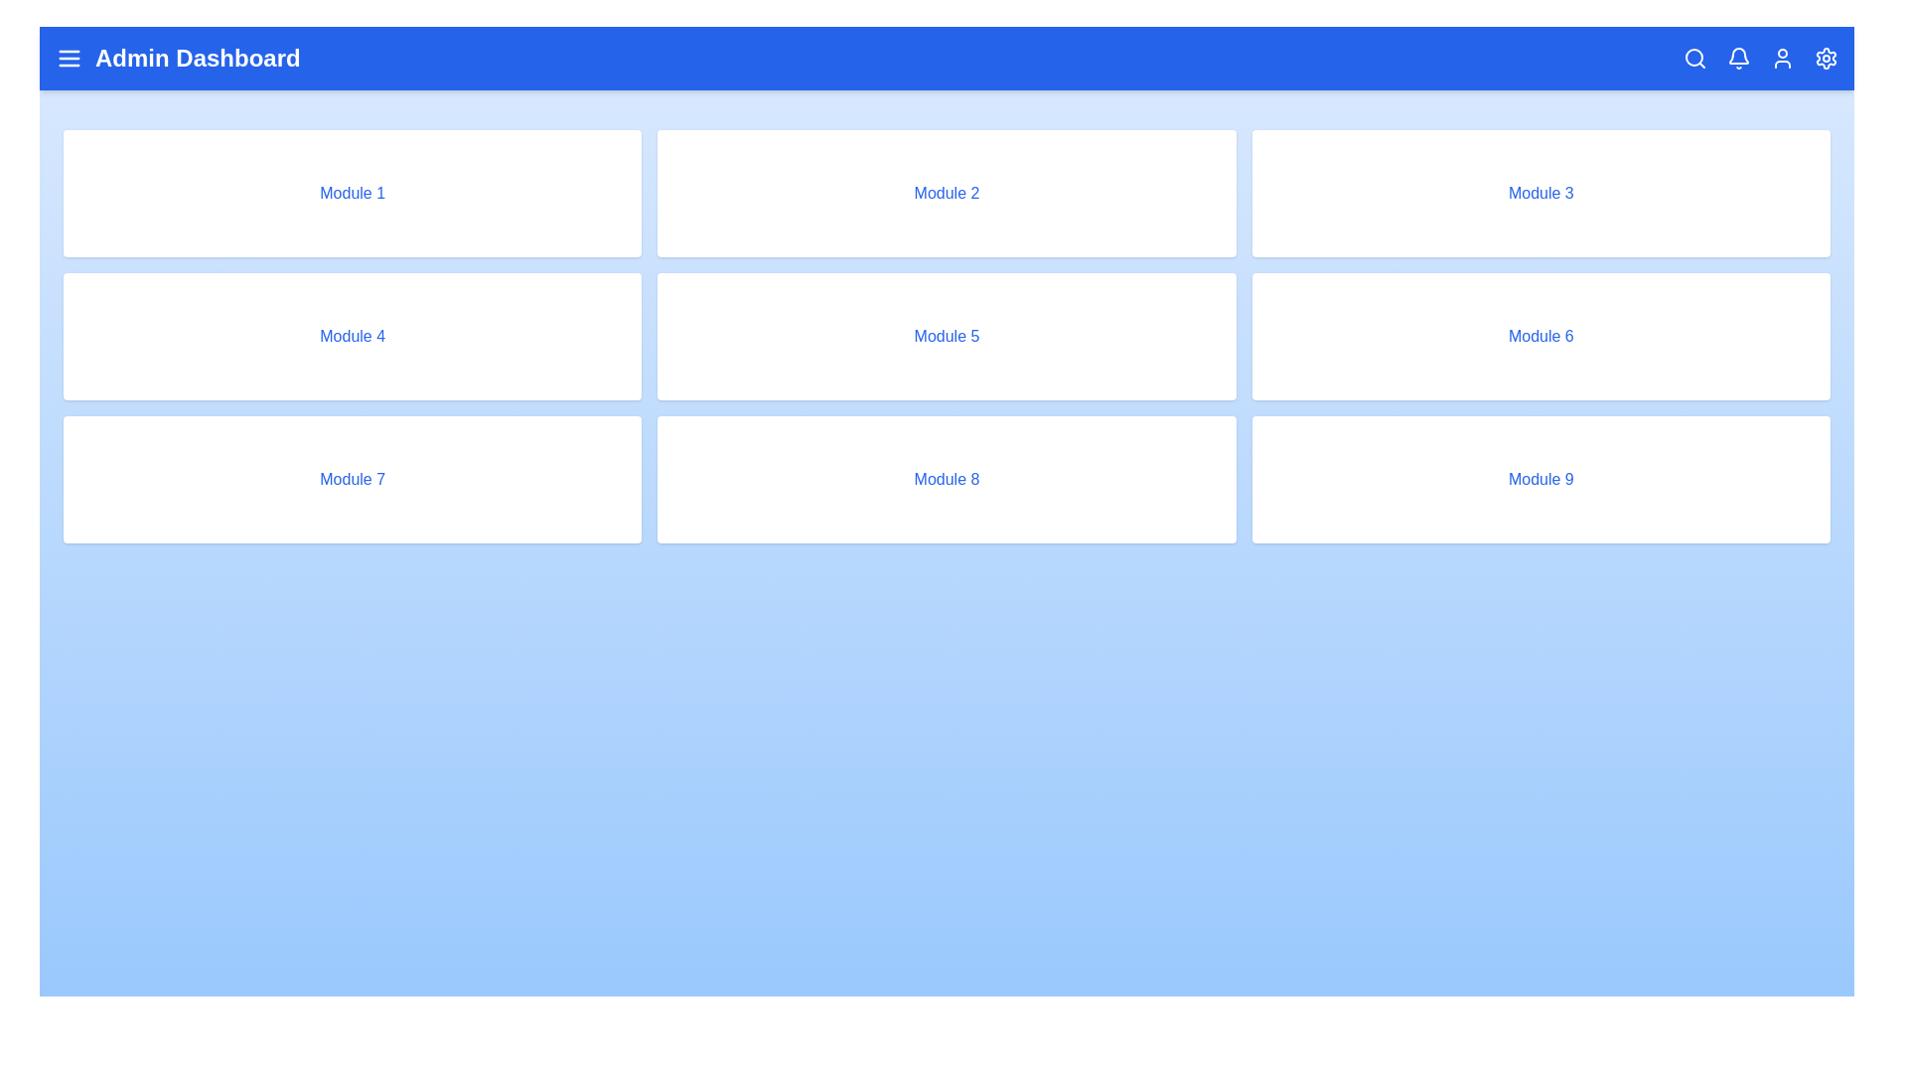  I want to click on the search icon to initiate the search functionality, so click(1694, 57).